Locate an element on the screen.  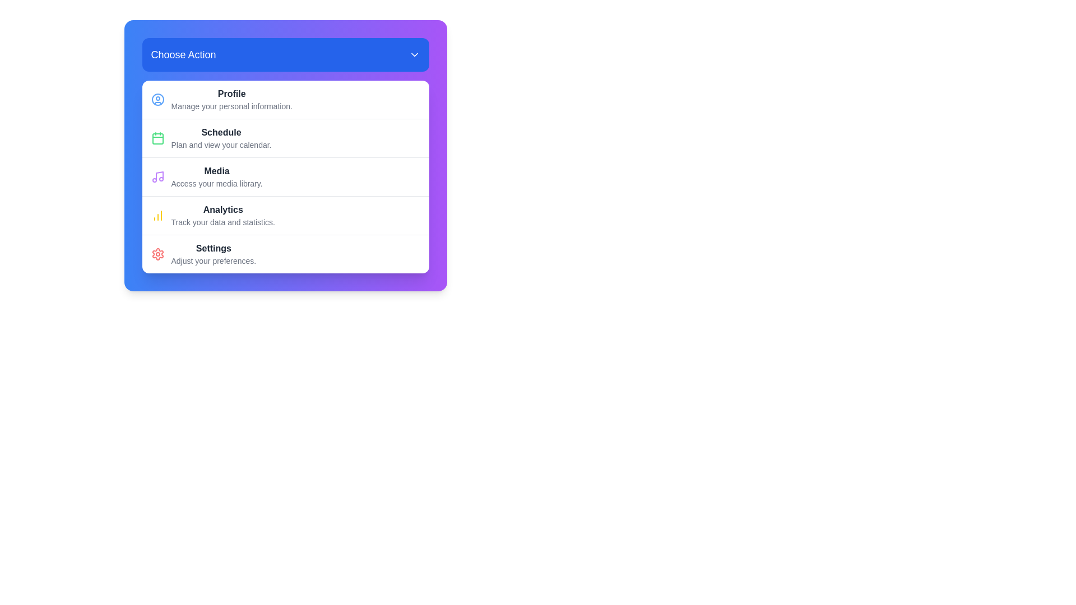
the static text label providing additional information for the 'Schedule' option in the dropdown menu is located at coordinates (221, 144).